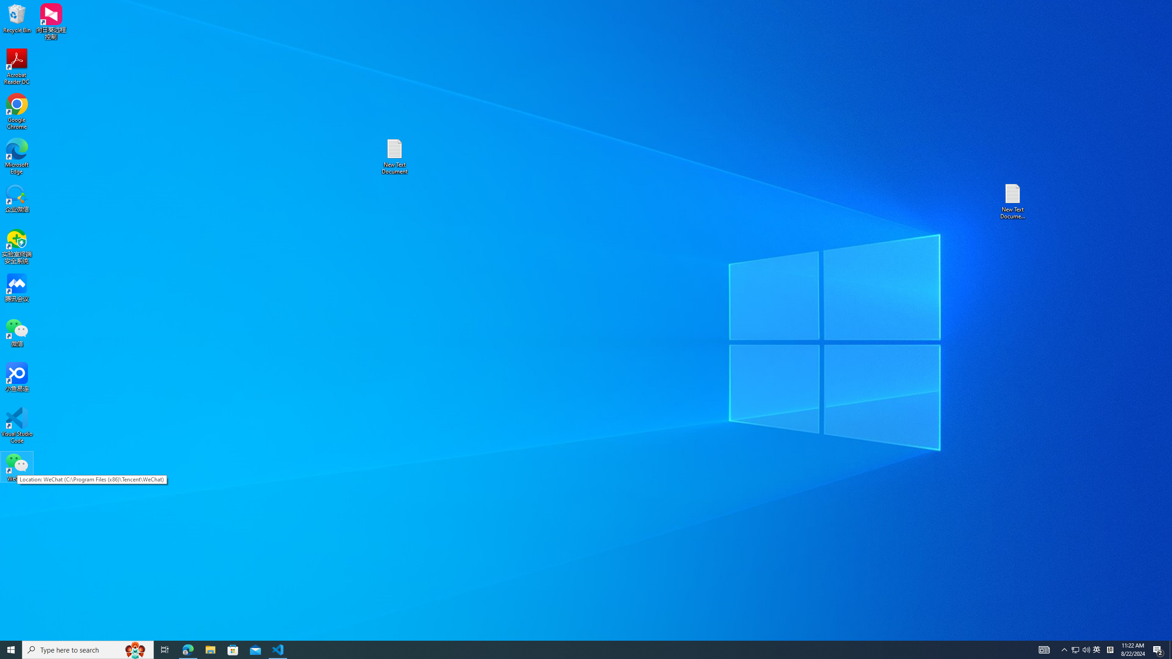 The height and width of the screenshot is (659, 1172). Describe the element at coordinates (87, 649) in the screenshot. I see `'Type here to search'` at that location.